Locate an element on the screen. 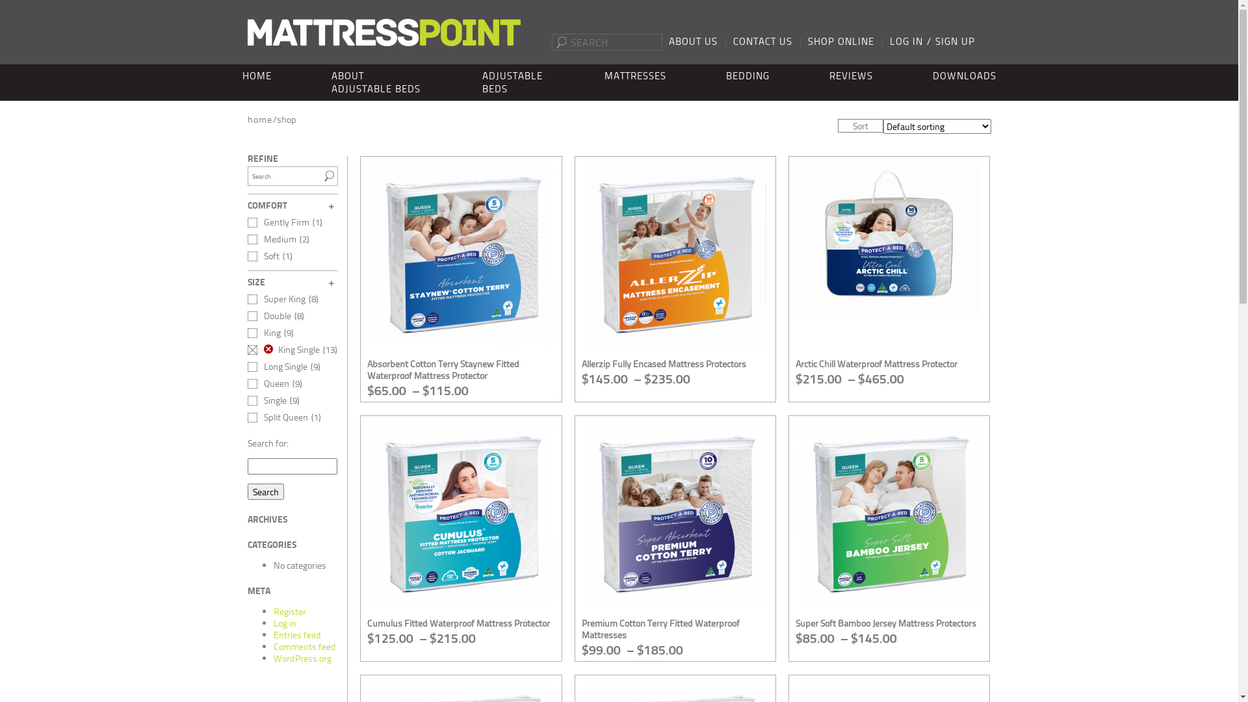  'Search' is located at coordinates (246, 491).